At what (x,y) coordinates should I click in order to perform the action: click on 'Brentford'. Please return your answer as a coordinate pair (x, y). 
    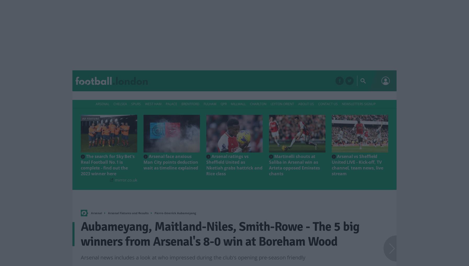
    Looking at the image, I should click on (190, 104).